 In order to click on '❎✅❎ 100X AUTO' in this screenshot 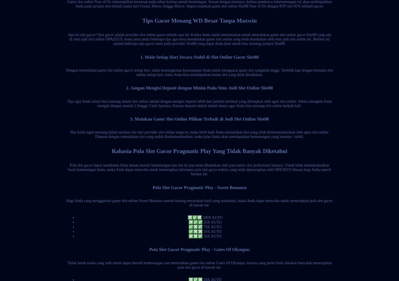, I will do `click(187, 217)`.